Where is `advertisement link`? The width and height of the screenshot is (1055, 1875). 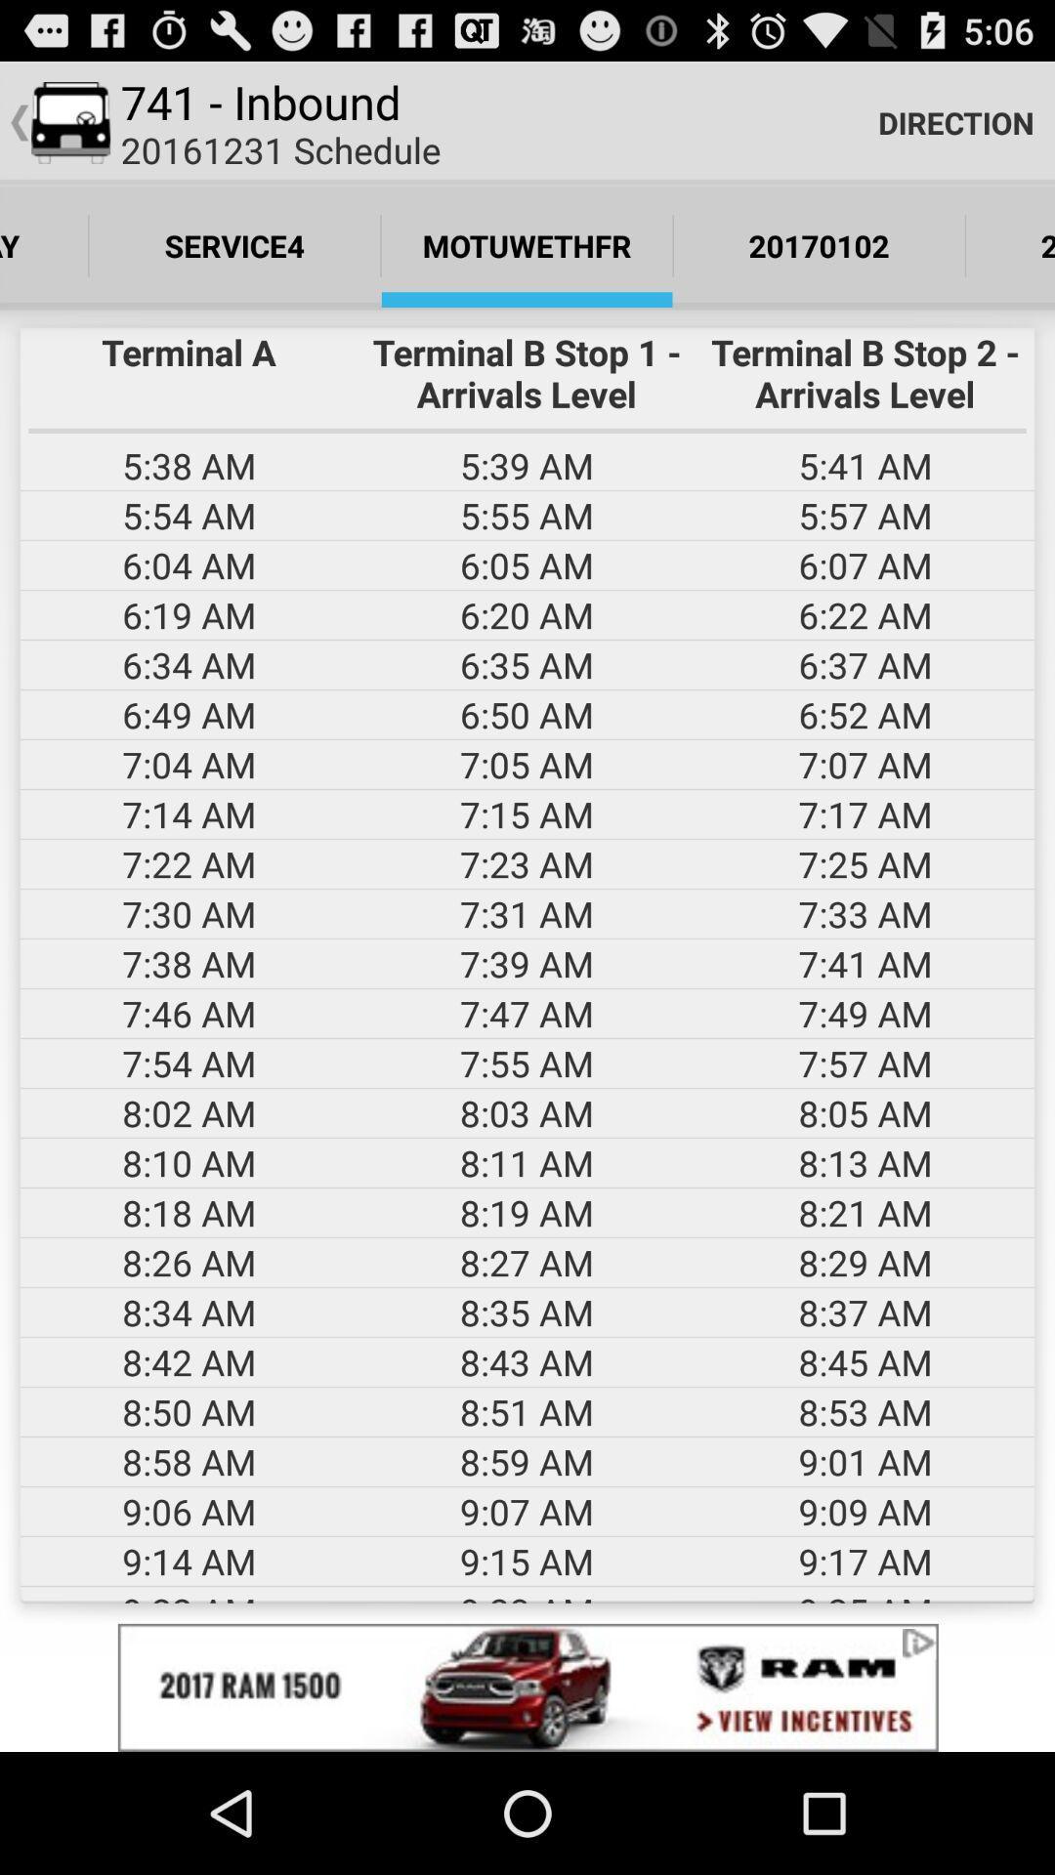
advertisement link is located at coordinates (527, 1687).